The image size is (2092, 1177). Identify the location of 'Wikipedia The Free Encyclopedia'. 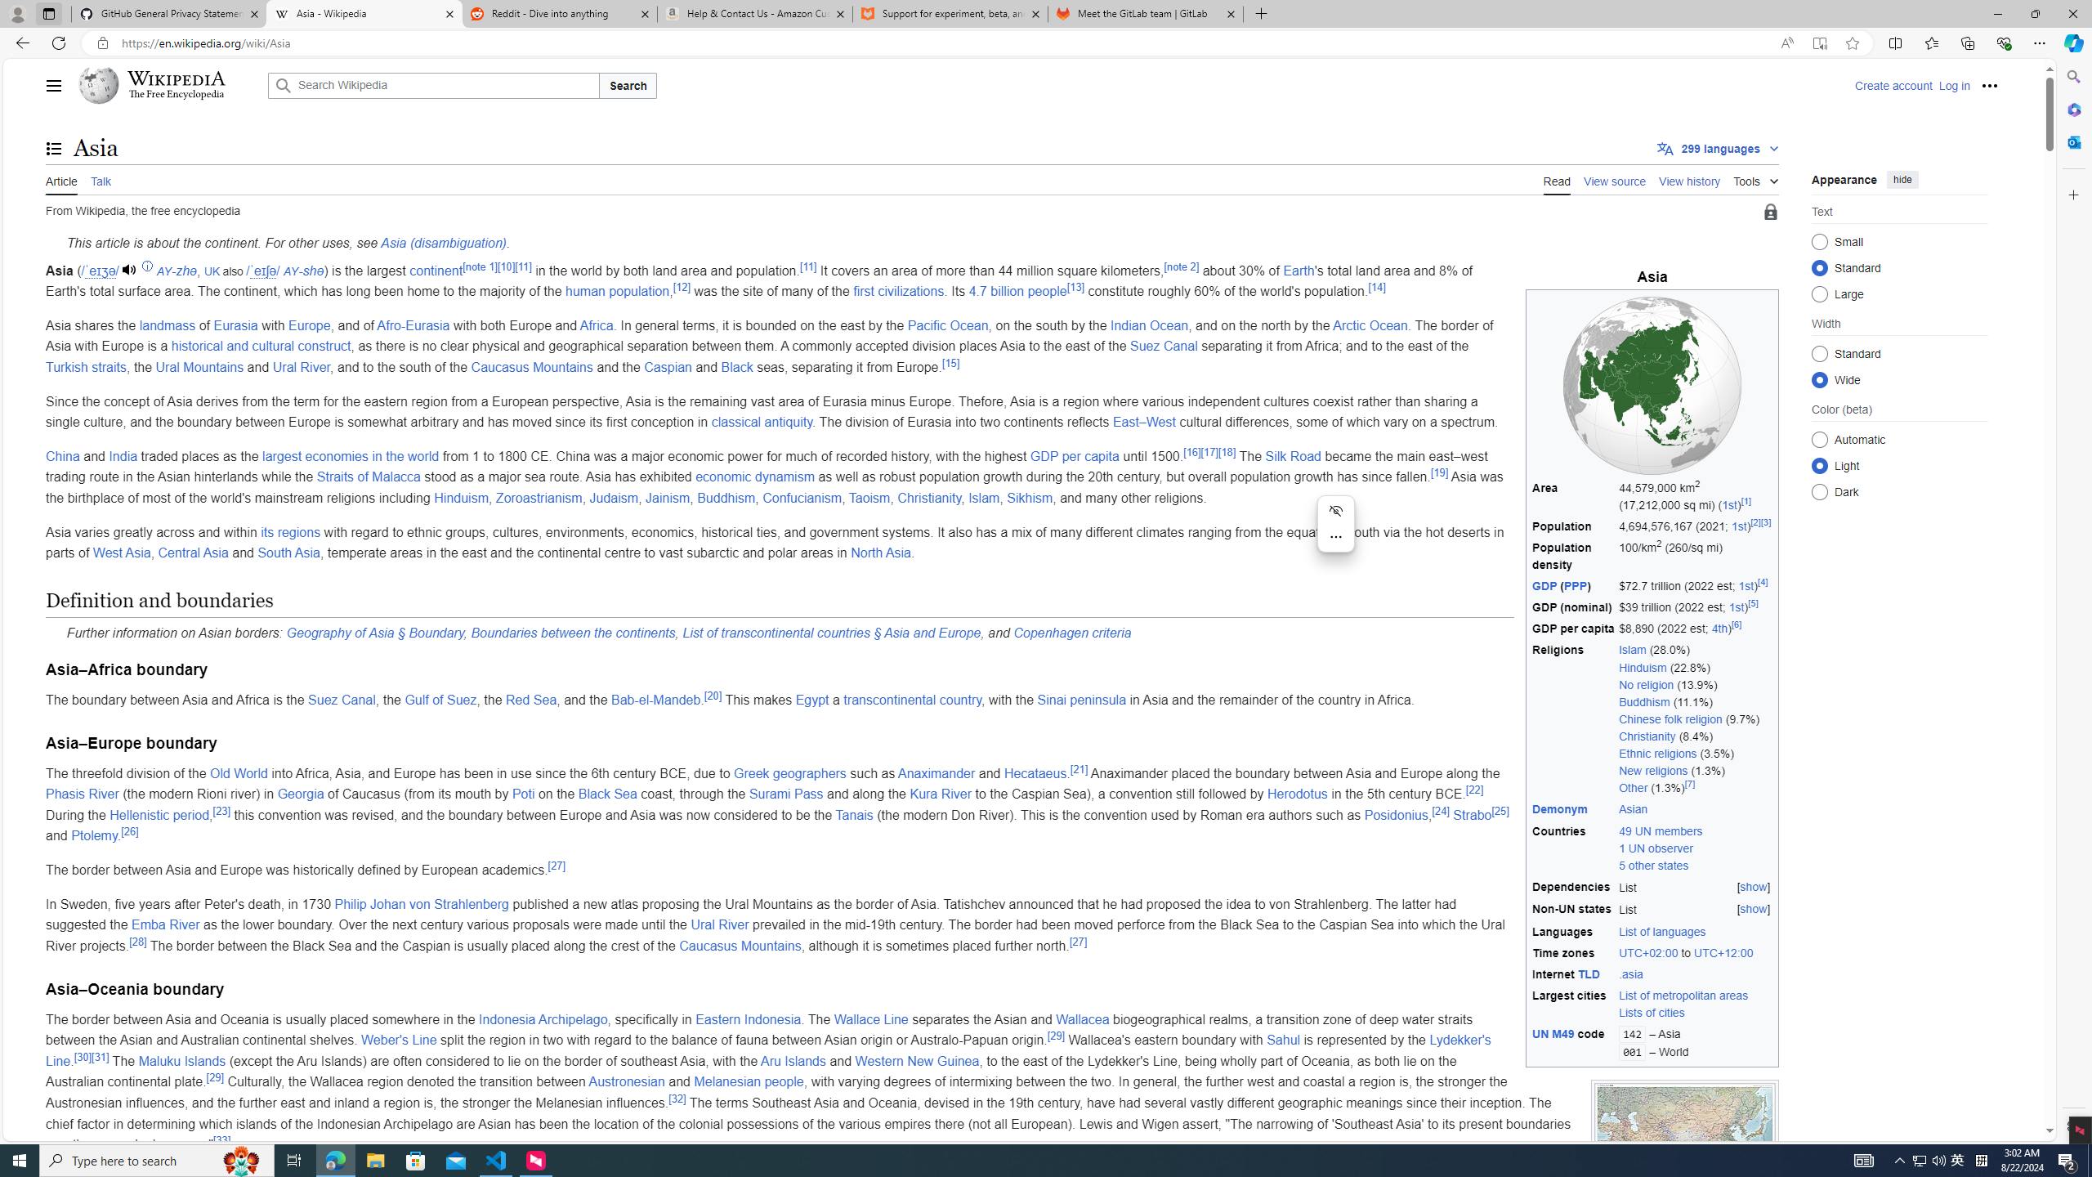
(169, 85).